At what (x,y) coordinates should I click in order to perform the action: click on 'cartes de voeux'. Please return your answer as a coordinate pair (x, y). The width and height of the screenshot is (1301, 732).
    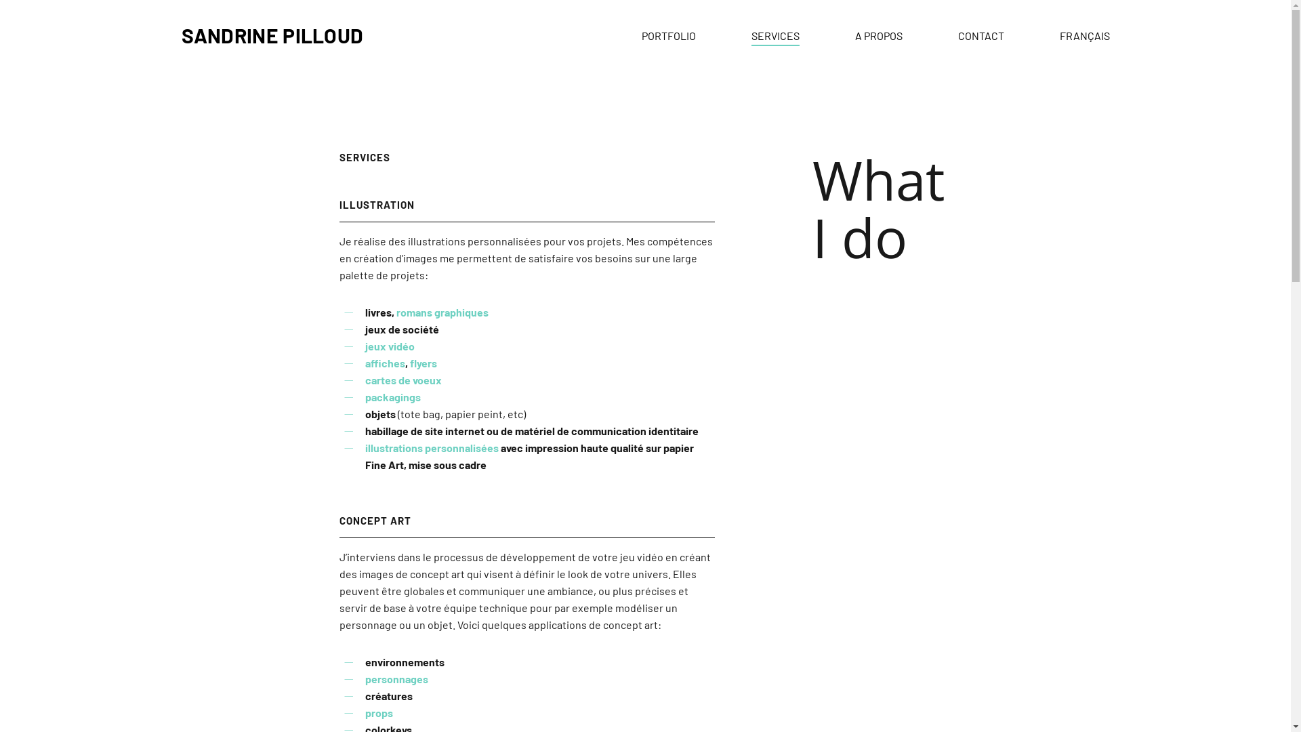
    Looking at the image, I should click on (402, 380).